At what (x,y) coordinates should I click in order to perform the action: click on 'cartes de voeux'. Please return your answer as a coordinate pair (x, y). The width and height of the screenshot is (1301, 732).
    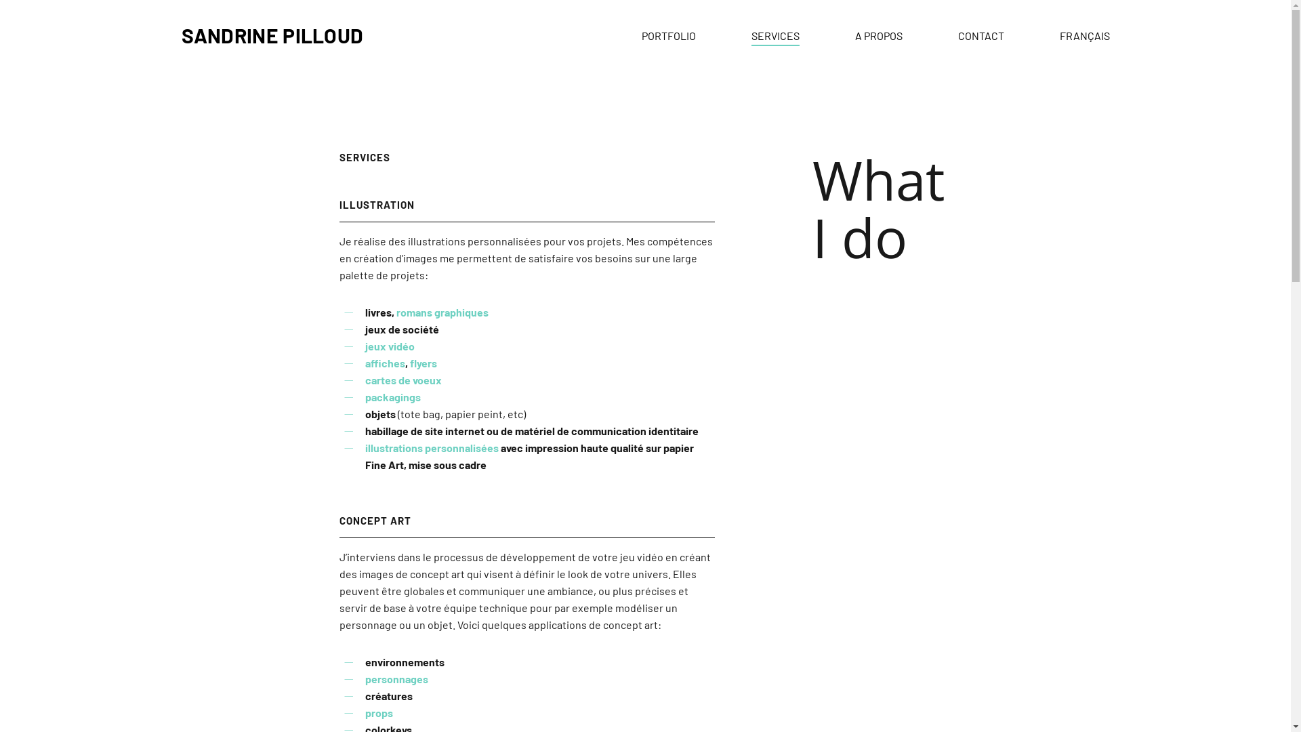
    Looking at the image, I should click on (402, 380).